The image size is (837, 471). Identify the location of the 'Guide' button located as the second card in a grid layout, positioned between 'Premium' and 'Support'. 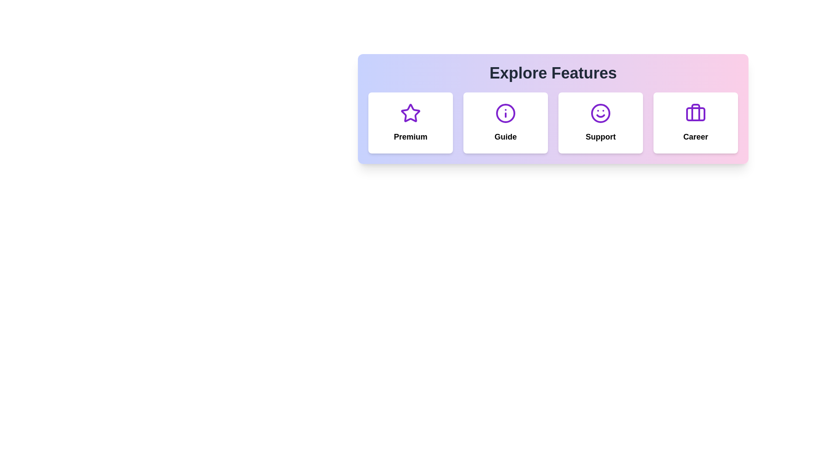
(506, 123).